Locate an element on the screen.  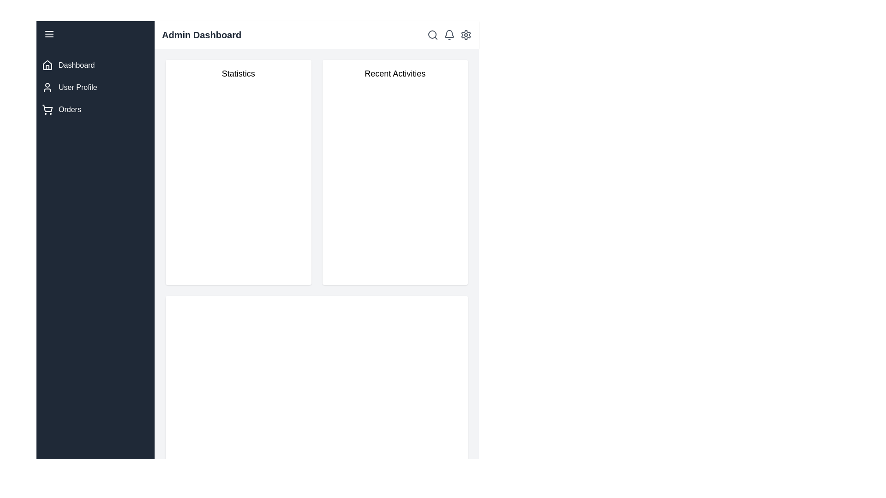
the lens of the magnifying glass icon located in the top-right corner of the interface to initiate search functionality is located at coordinates (431, 34).